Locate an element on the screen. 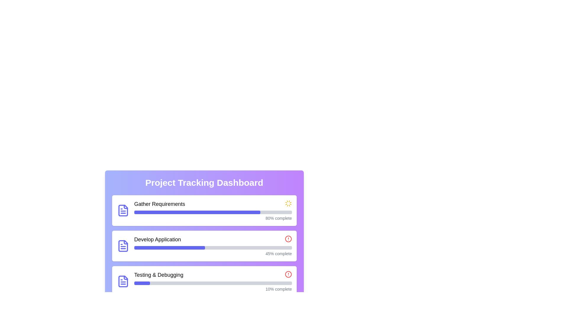 The height and width of the screenshot is (319, 568). the progress bar indicating 80% completion of the 'Gather Requirements' task in the project tracking dashboard is located at coordinates (213, 212).